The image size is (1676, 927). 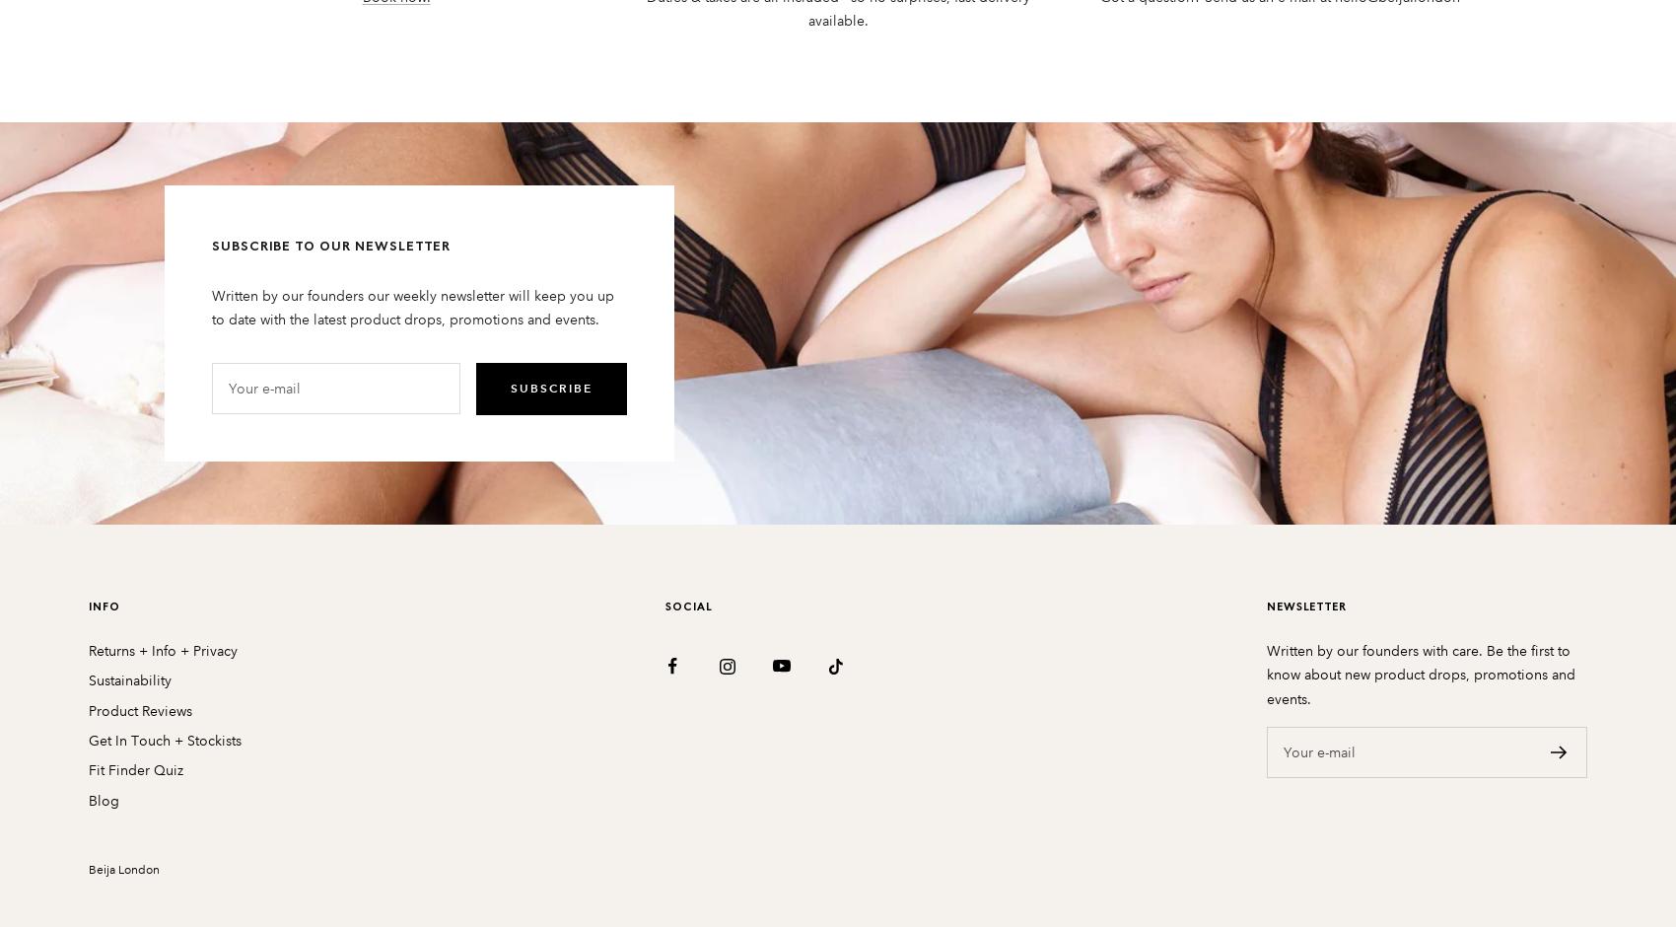 I want to click on 'Subscribe', so click(x=549, y=388).